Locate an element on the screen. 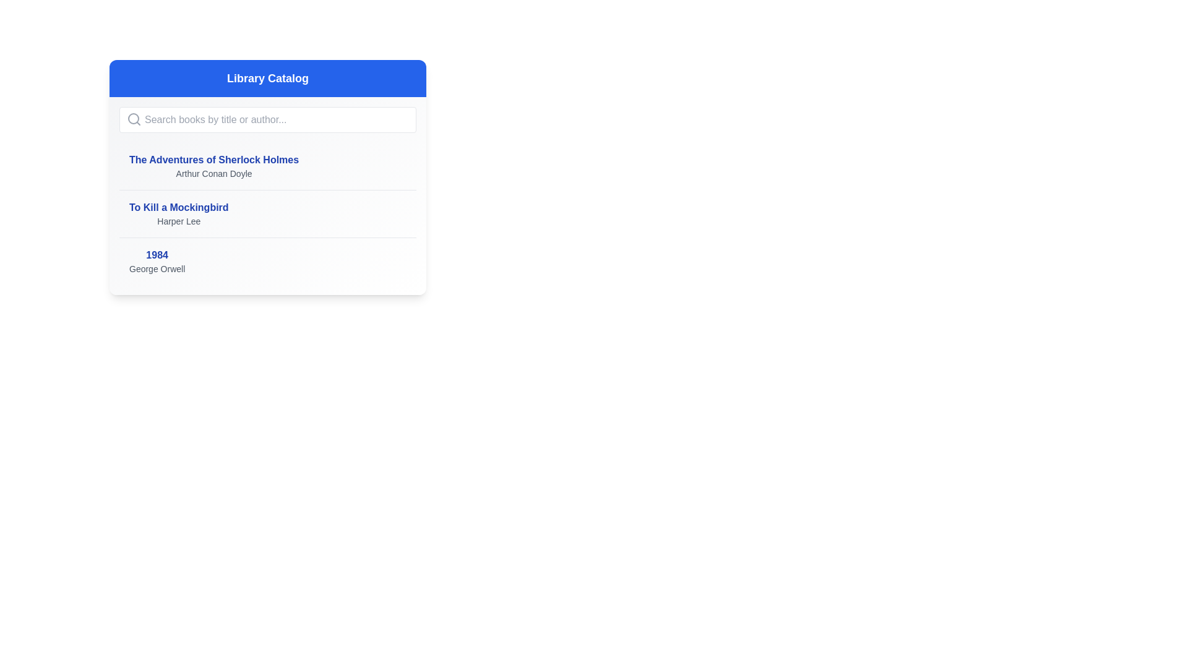 Image resolution: width=1188 pixels, height=668 pixels. the list item displaying 'To Kill a Mockingbird' by the author is located at coordinates (267, 213).